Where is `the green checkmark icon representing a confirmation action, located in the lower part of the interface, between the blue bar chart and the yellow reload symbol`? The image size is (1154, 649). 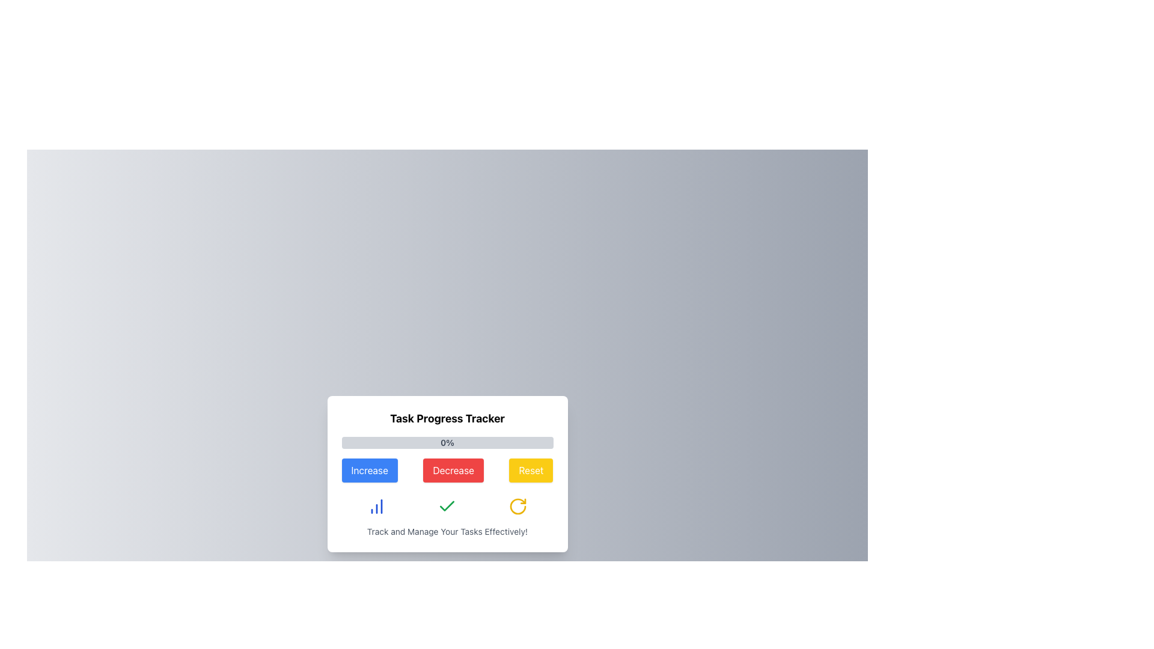
the green checkmark icon representing a confirmation action, located in the lower part of the interface, between the blue bar chart and the yellow reload symbol is located at coordinates (447, 506).